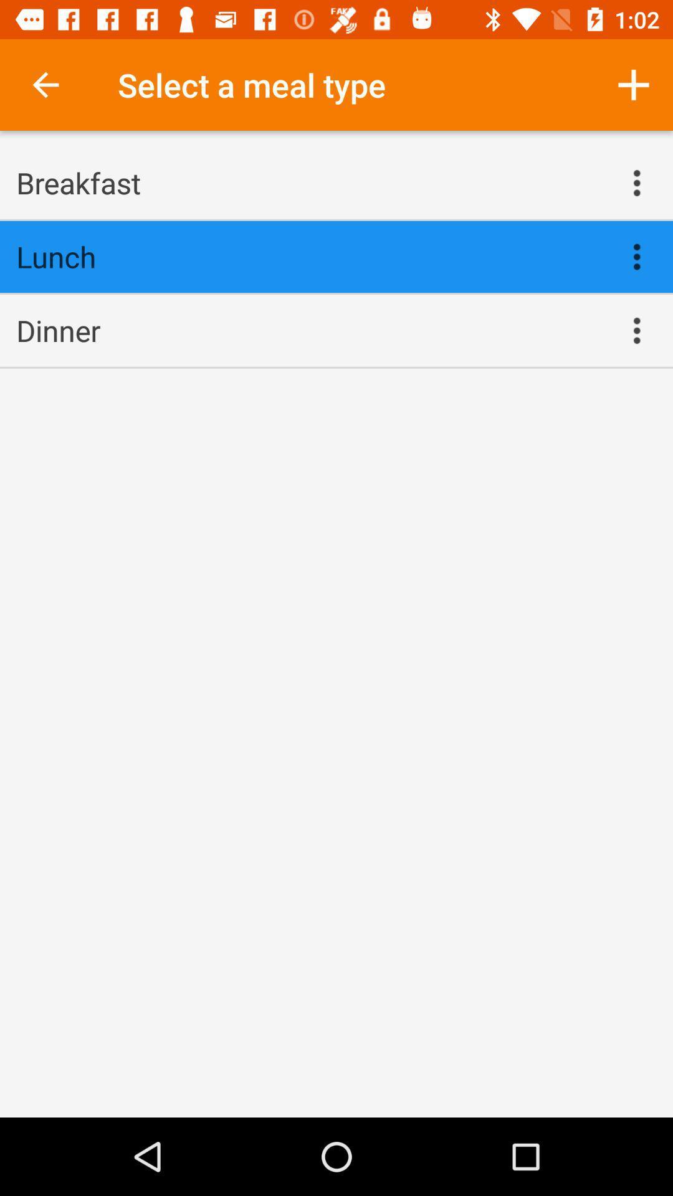  What do you see at coordinates (634, 84) in the screenshot?
I see `item to the right of select a meal item` at bounding box center [634, 84].